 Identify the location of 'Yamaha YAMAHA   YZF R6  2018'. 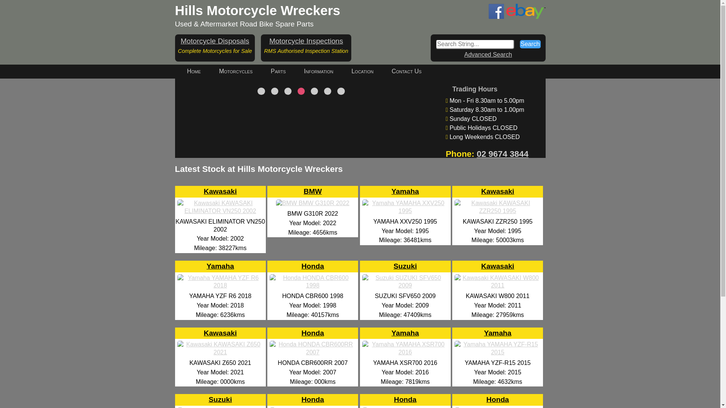
(220, 285).